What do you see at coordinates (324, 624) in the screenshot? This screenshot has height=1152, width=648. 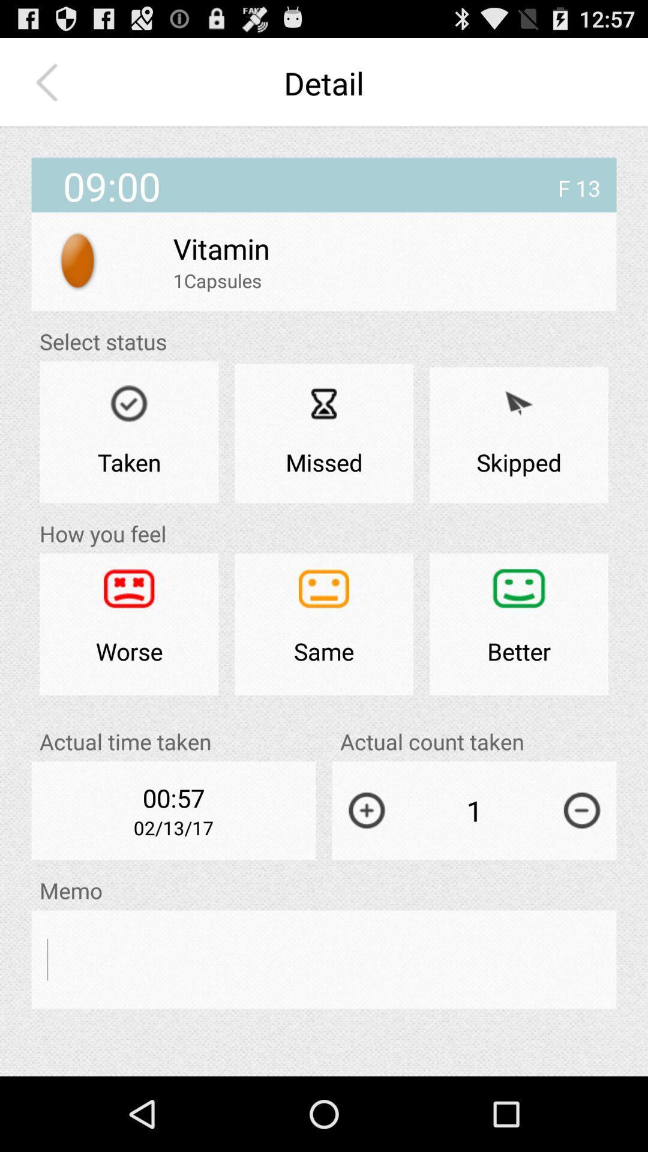 I see `icon above the actual time taken` at bounding box center [324, 624].